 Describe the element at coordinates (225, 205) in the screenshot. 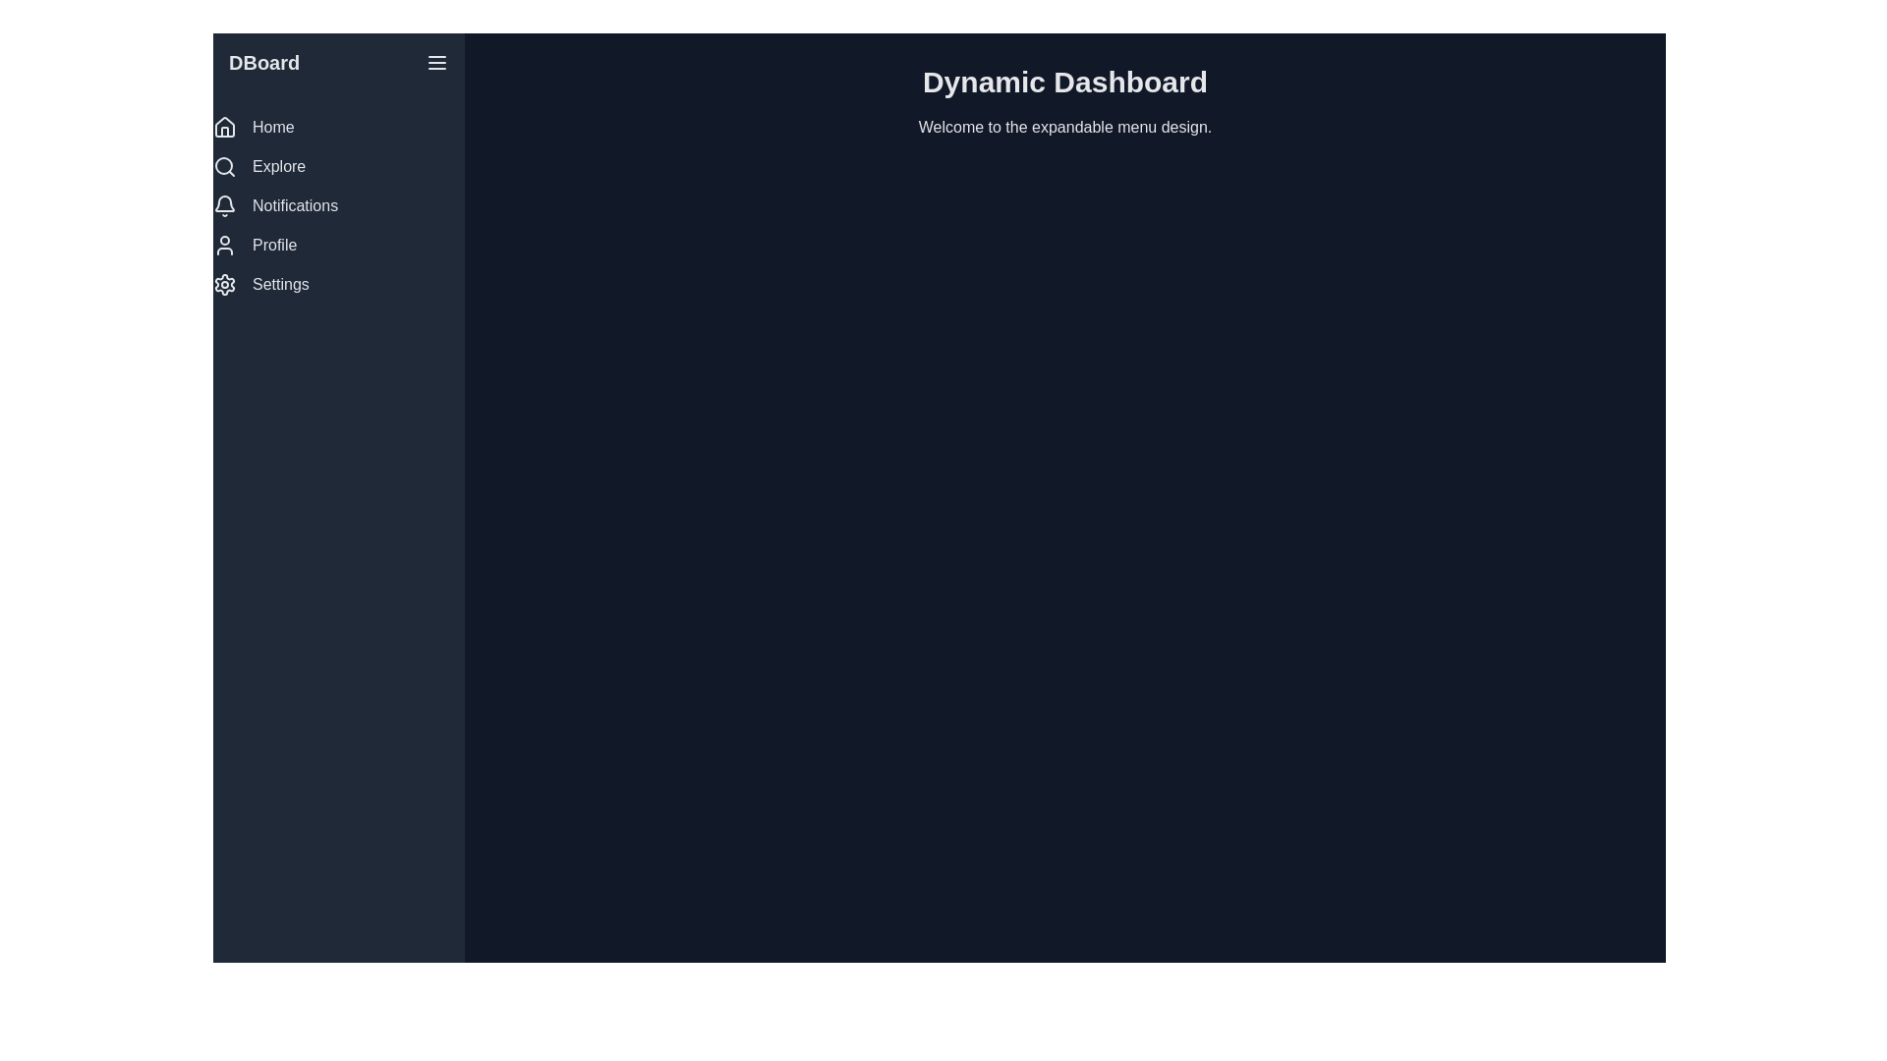

I see `the bell icon in the left sidebar menu` at that location.